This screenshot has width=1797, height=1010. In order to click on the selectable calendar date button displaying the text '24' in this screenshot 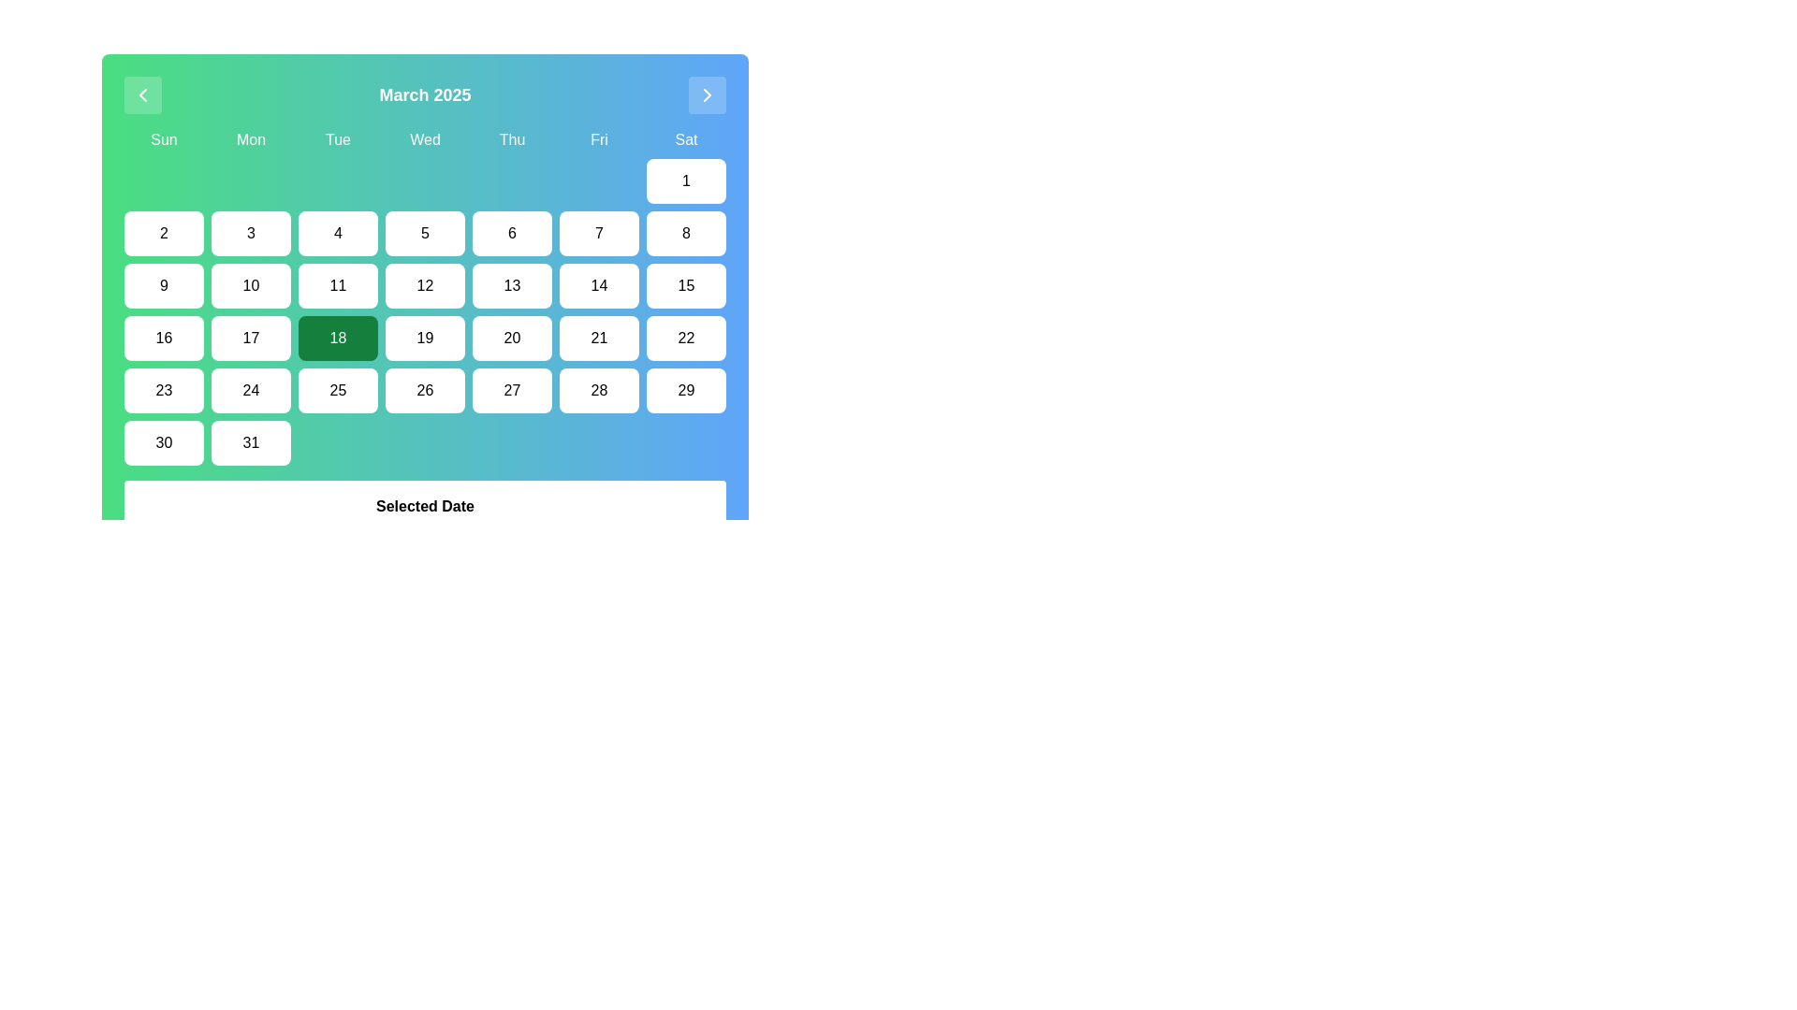, I will do `click(250, 389)`.